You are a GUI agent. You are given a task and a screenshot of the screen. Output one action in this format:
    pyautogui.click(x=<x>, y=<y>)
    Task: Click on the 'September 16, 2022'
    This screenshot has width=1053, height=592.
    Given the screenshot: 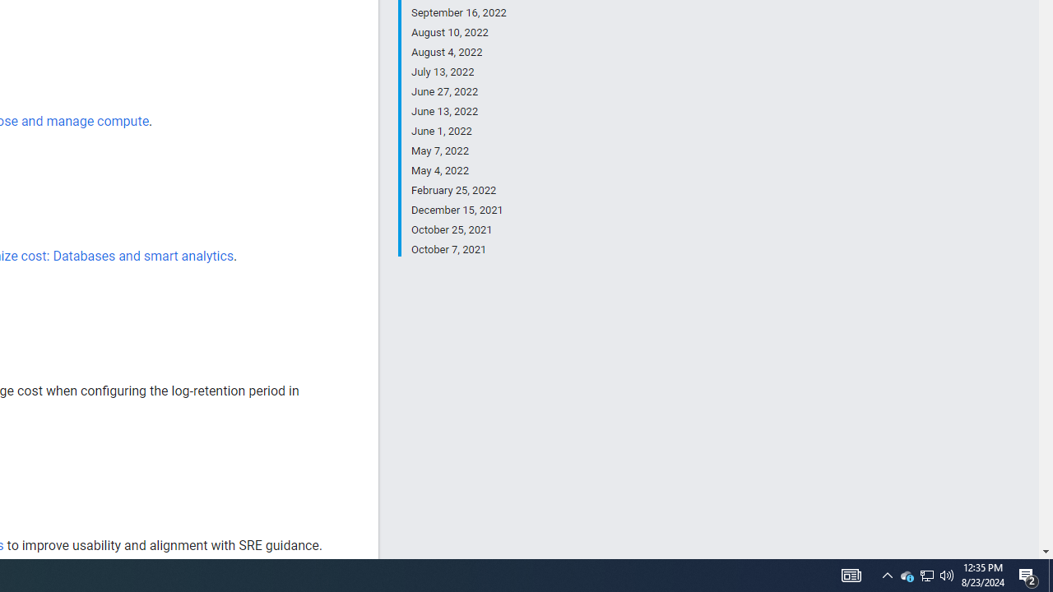 What is the action you would take?
    pyautogui.click(x=458, y=13)
    